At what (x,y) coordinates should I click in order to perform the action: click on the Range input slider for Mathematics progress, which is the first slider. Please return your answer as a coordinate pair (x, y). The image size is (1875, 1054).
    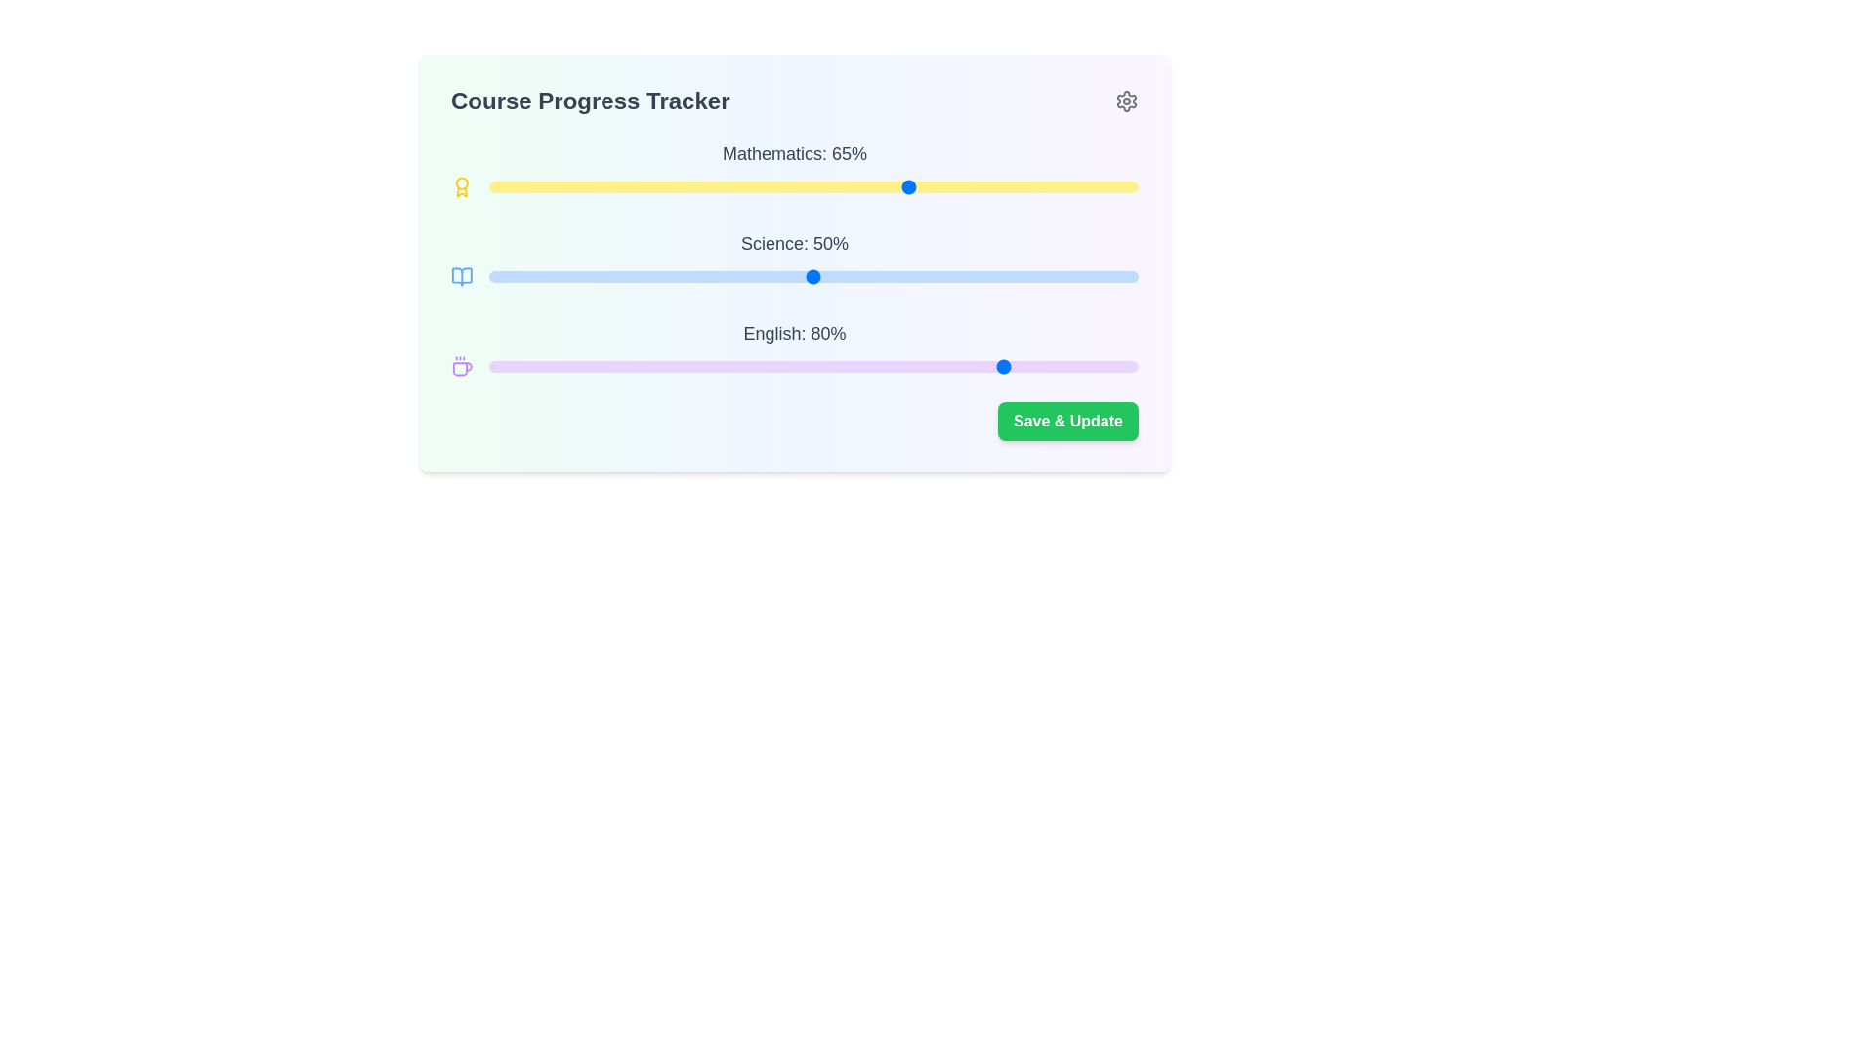
    Looking at the image, I should click on (813, 187).